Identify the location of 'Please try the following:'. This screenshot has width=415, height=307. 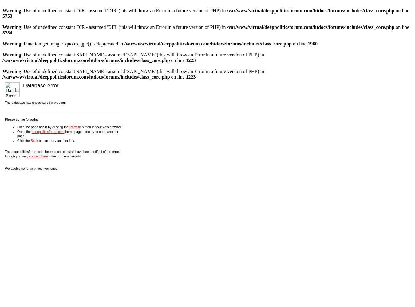
(22, 119).